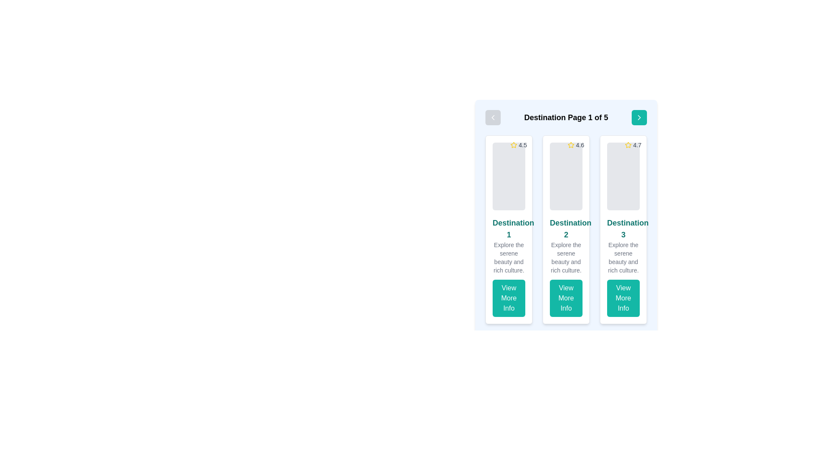  I want to click on the text label displaying the rating value of the destination or item located in the top-right corner of the third card in the listing, adjacent to the yellow star icon, so click(637, 145).